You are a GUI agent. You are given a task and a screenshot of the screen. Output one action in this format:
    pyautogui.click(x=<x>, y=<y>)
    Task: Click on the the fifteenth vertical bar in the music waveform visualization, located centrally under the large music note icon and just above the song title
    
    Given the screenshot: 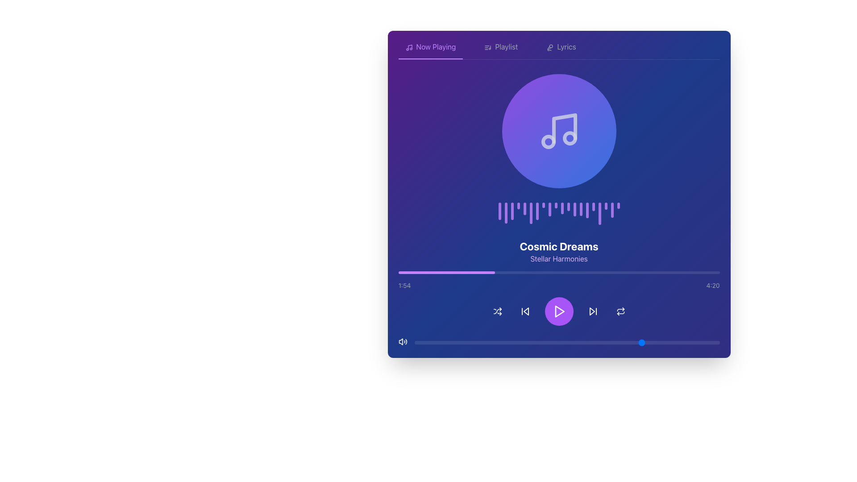 What is the action you would take?
    pyautogui.click(x=587, y=210)
    